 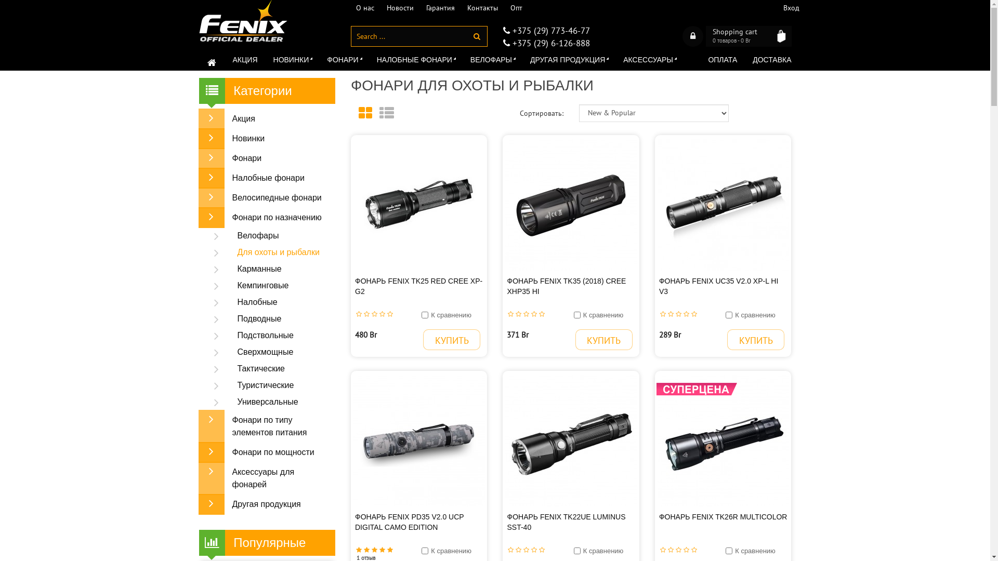 I want to click on 'Login', so click(x=692, y=35).